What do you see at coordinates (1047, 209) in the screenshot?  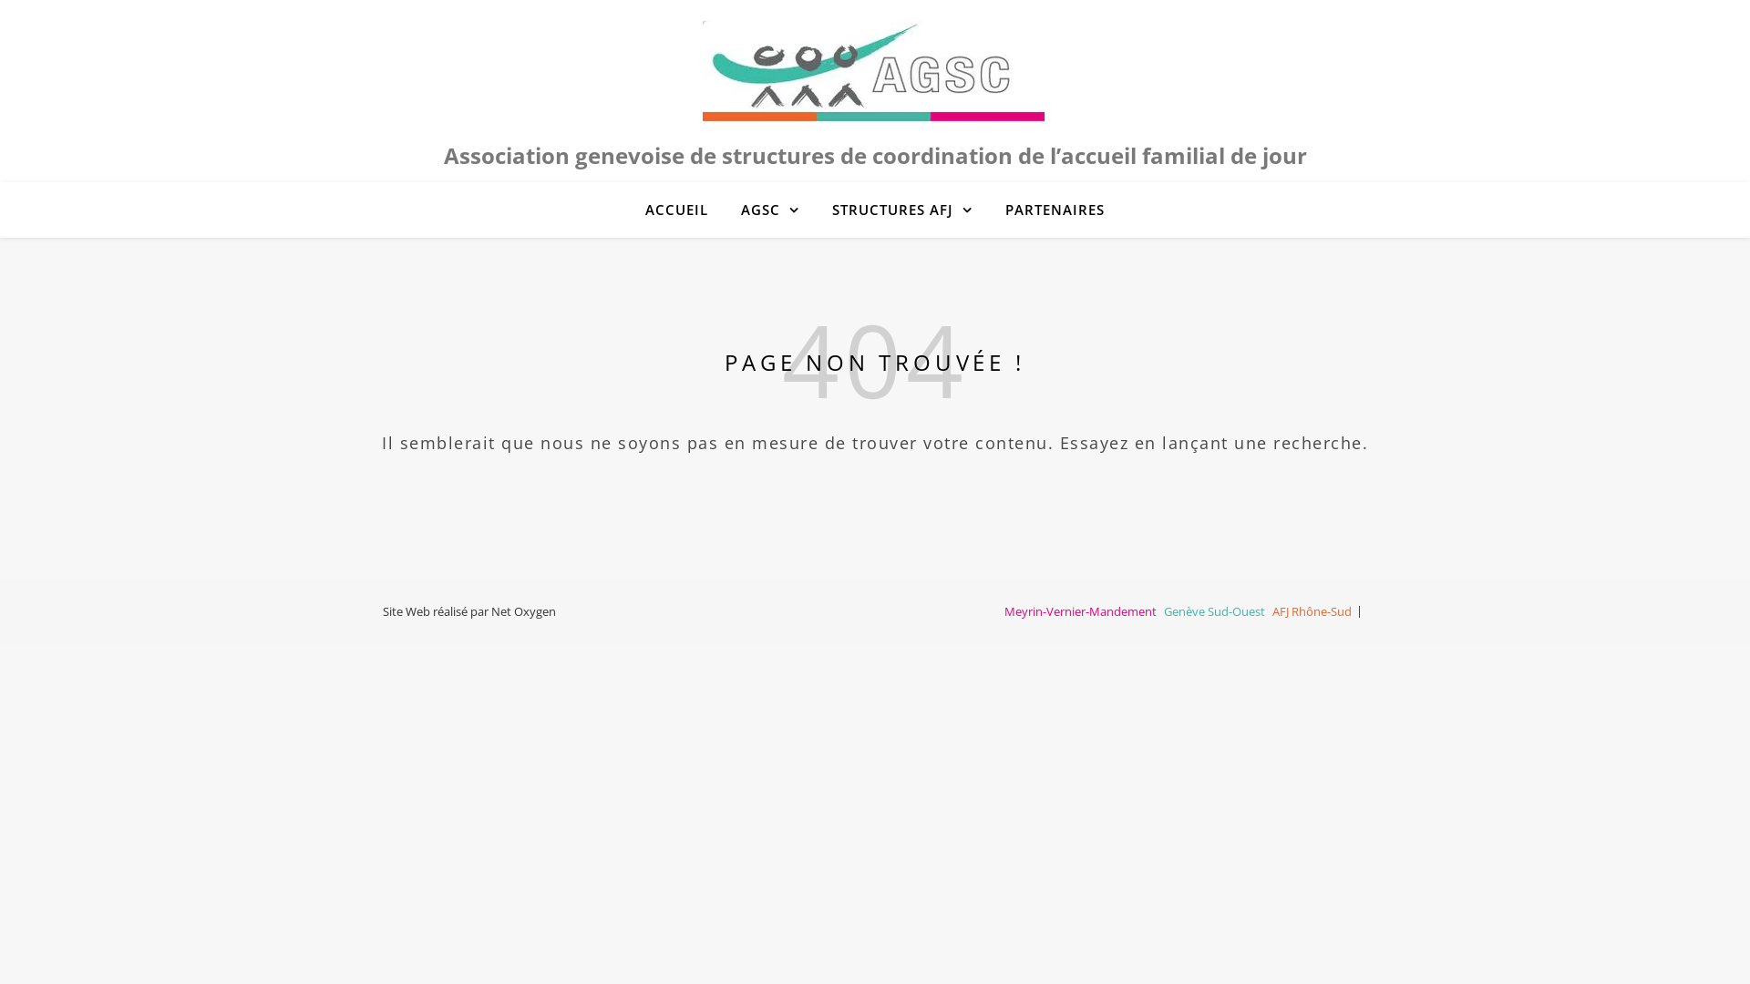 I see `'PARTENAIRES'` at bounding box center [1047, 209].